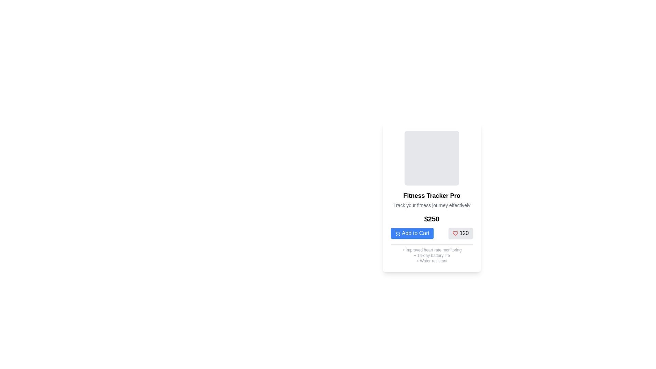  I want to click on keyboard navigation, so click(461, 233).